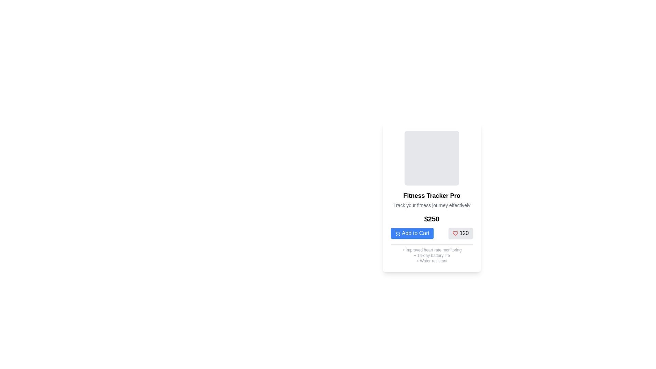  I want to click on keyboard navigation, so click(461, 233).